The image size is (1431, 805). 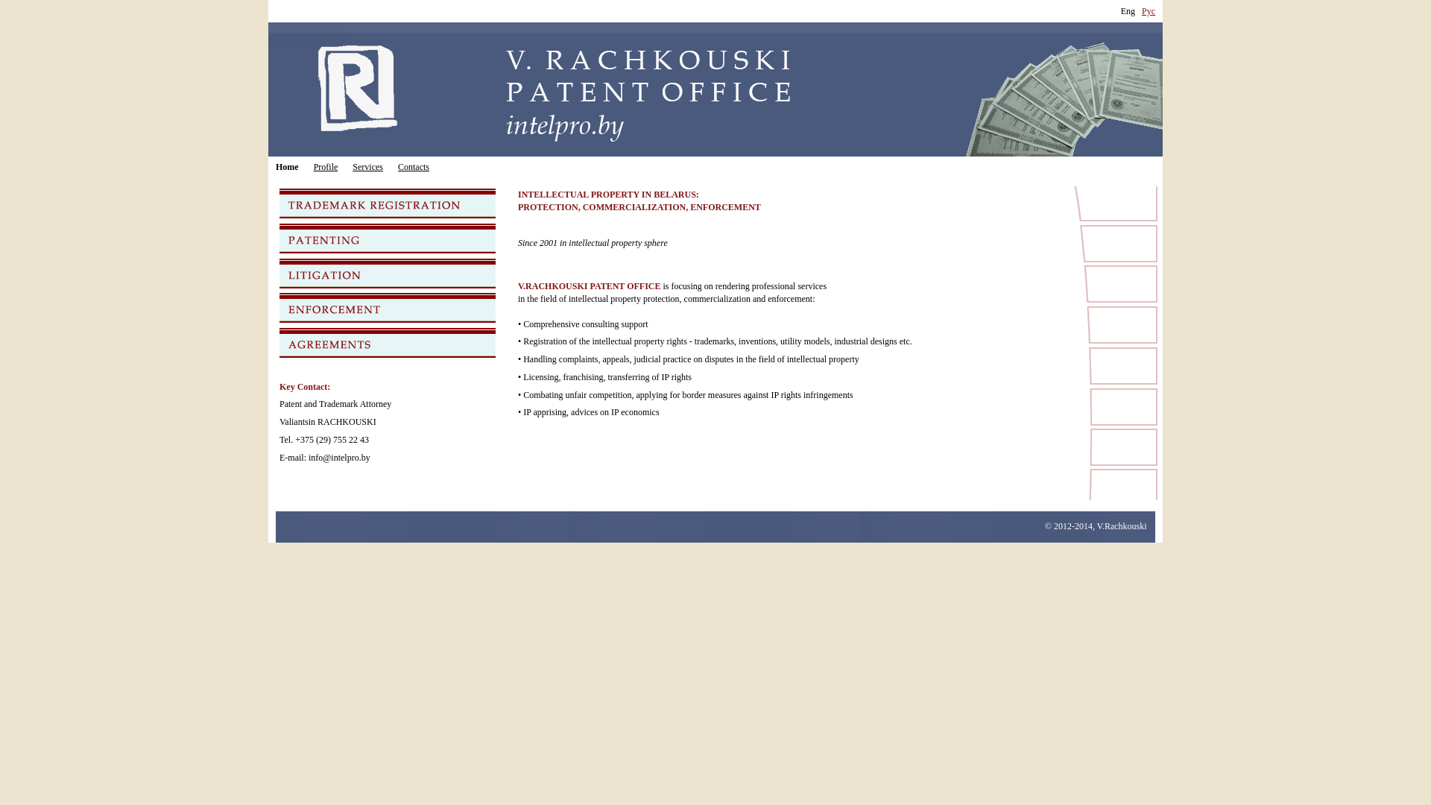 I want to click on 'Services', so click(x=367, y=167).